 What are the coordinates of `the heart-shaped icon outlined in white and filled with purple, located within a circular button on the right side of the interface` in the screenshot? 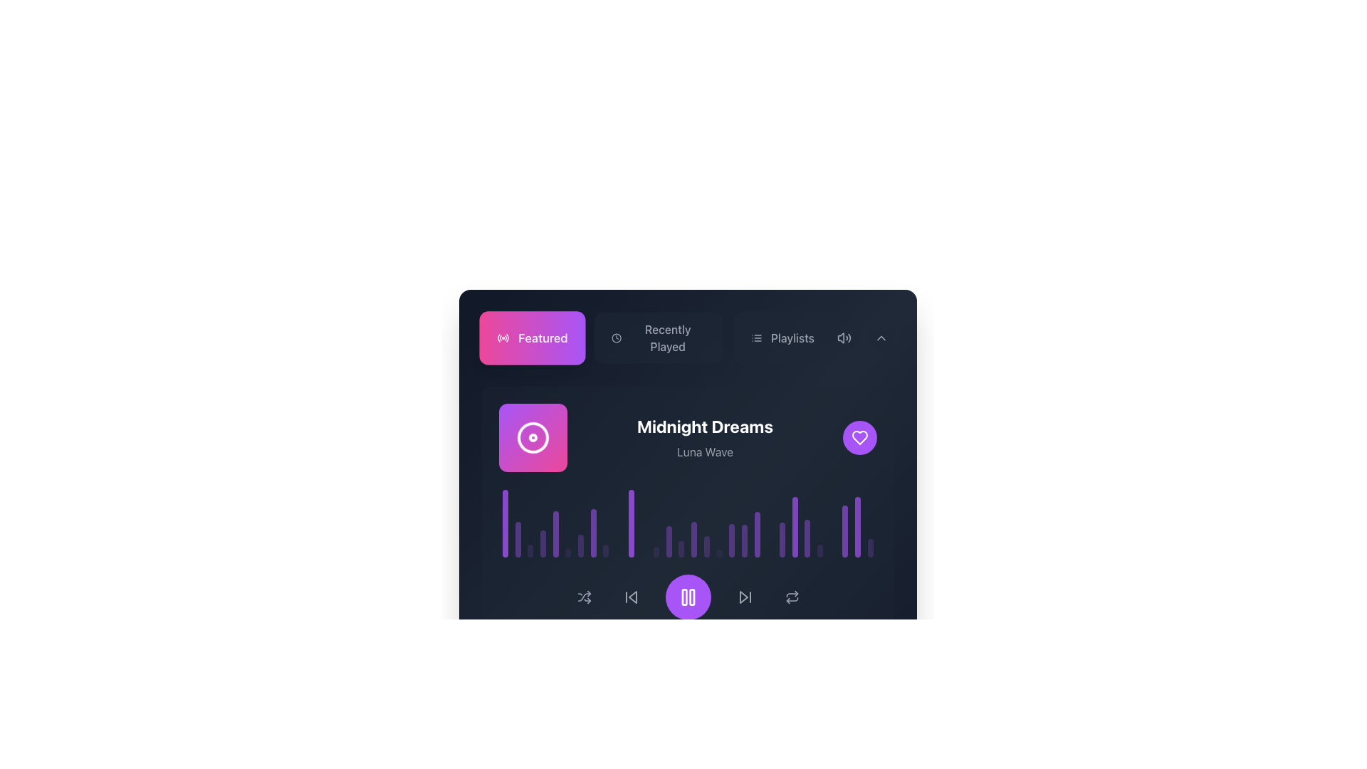 It's located at (859, 436).